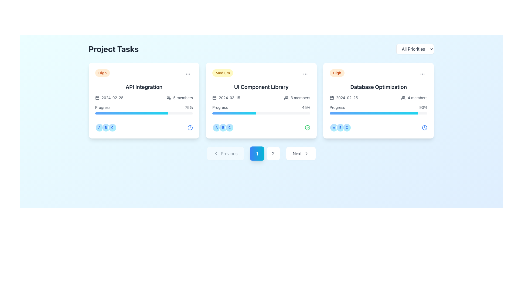  Describe the element at coordinates (306, 107) in the screenshot. I see `text label displaying '45%' located to the right of the 'Progress' label in the UI Component Library card` at that location.